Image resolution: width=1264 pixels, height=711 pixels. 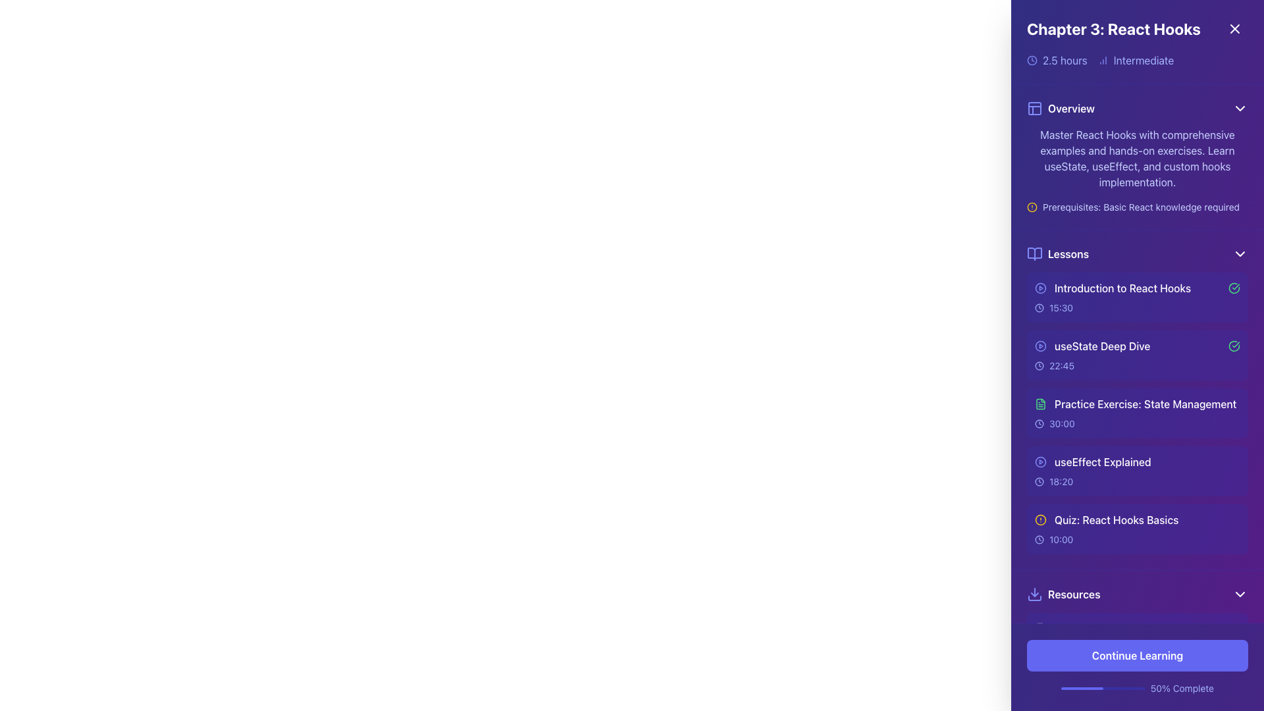 I want to click on the lesson item titled 'useEffect Explained' in the 'Lessons' sidebar, so click(x=1137, y=461).